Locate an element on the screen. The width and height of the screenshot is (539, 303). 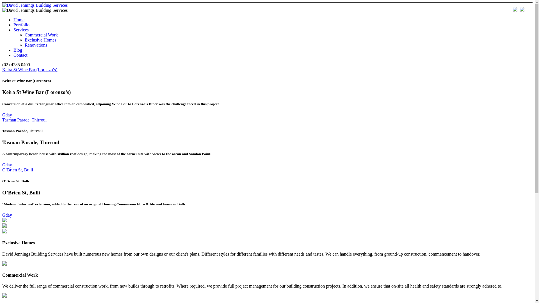
'Contact' is located at coordinates (20, 55).